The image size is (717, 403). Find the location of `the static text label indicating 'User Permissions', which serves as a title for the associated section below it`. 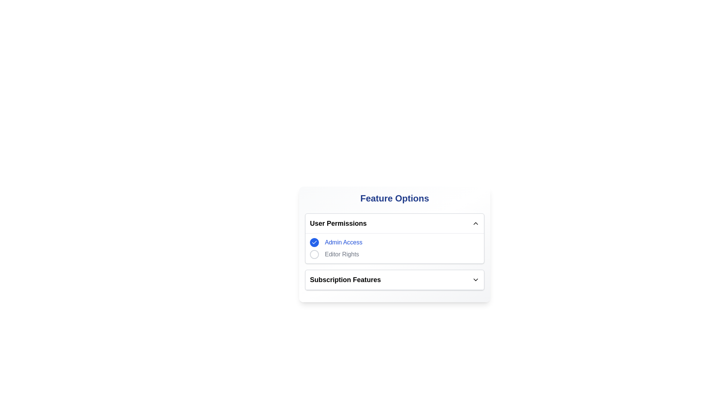

the static text label indicating 'User Permissions', which serves as a title for the associated section below it is located at coordinates (345, 279).